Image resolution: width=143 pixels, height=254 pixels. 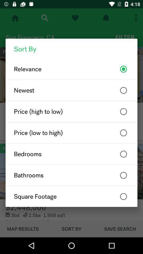 What do you see at coordinates (71, 154) in the screenshot?
I see `bedrooms item` at bounding box center [71, 154].